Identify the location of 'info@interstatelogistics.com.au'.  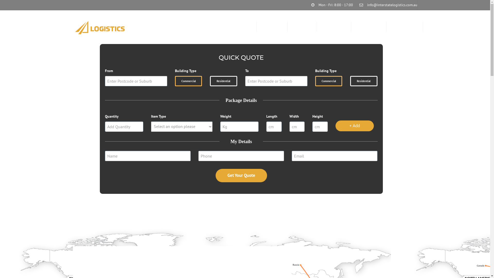
(392, 5).